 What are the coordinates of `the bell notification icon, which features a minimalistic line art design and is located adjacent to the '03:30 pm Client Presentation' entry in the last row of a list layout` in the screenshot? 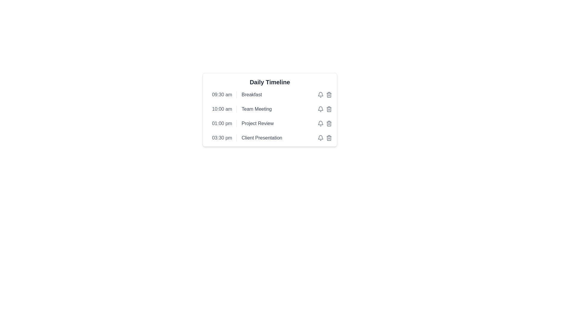 It's located at (320, 137).